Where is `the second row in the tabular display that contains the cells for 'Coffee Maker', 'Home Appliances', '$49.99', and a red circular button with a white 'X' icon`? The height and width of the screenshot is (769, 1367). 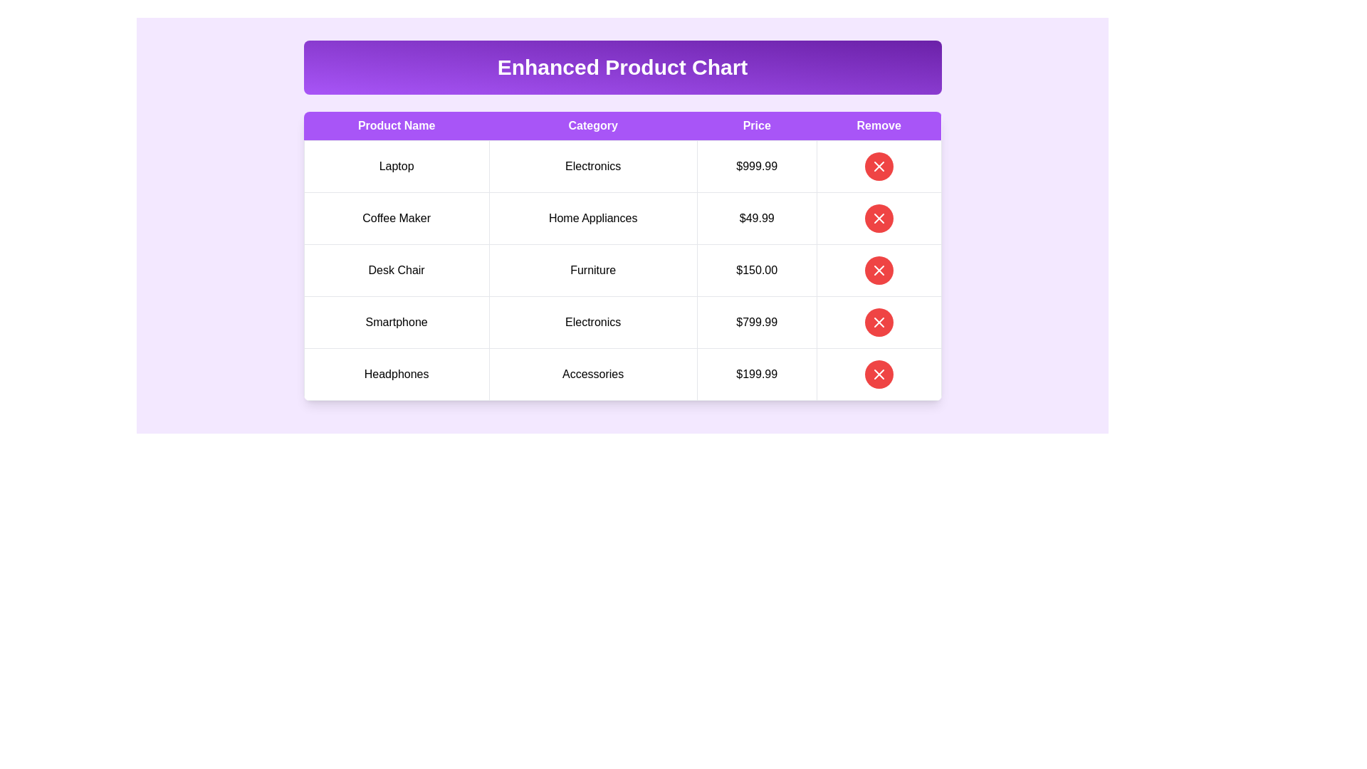
the second row in the tabular display that contains the cells for 'Coffee Maker', 'Home Appliances', '$49.99', and a red circular button with a white 'X' icon is located at coordinates (622, 219).